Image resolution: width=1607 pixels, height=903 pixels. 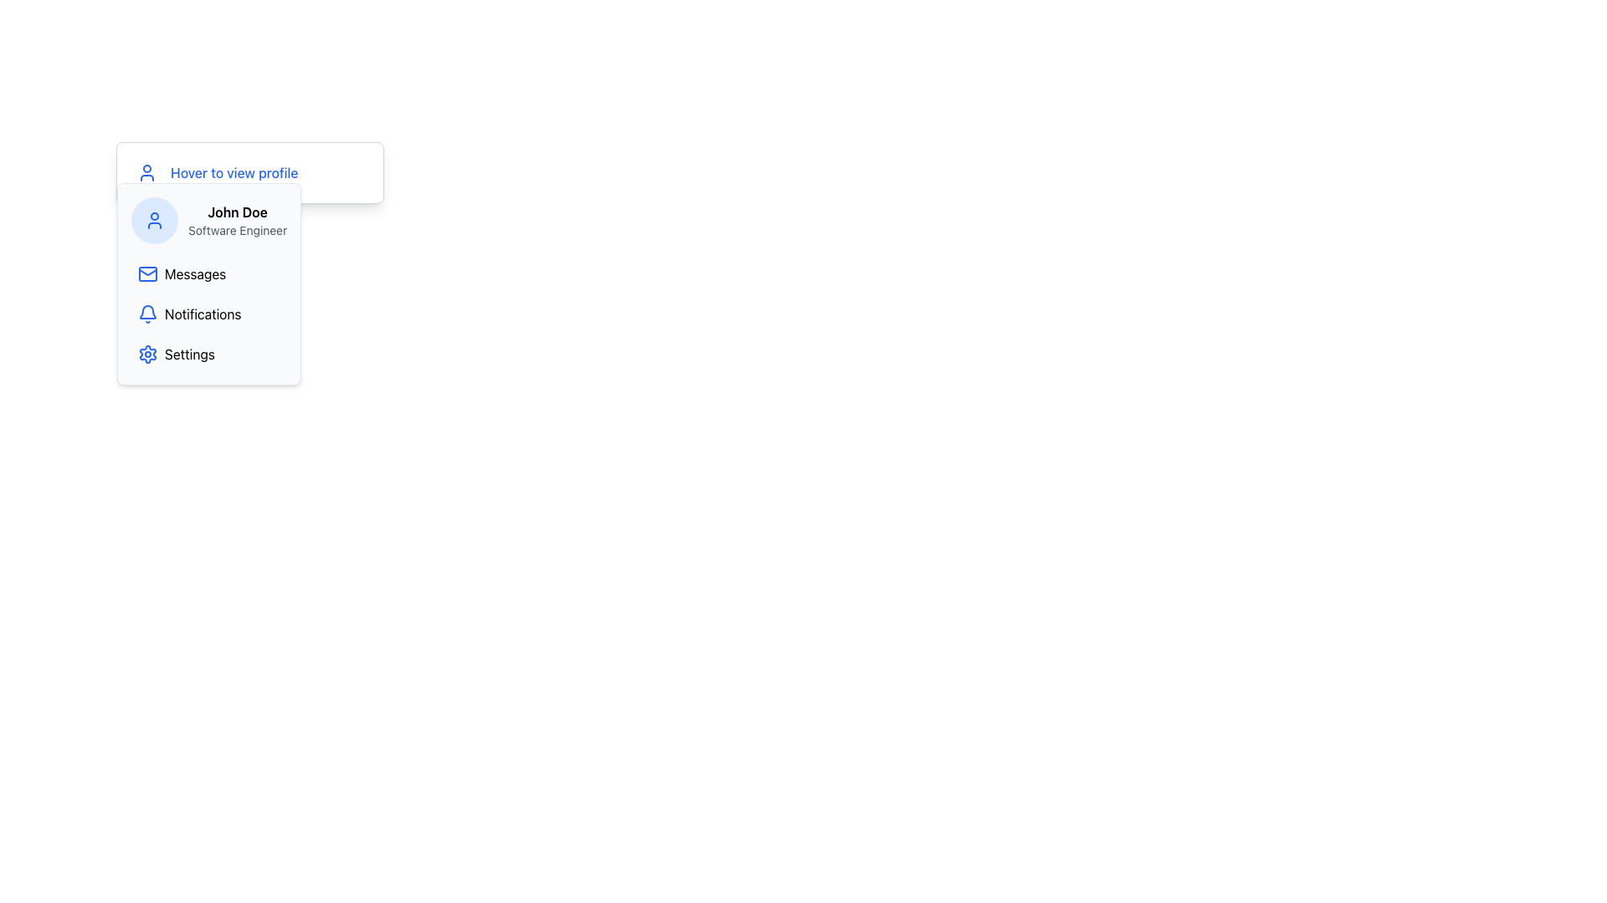 I want to click on the 'Notifications' item, so click(x=208, y=314).